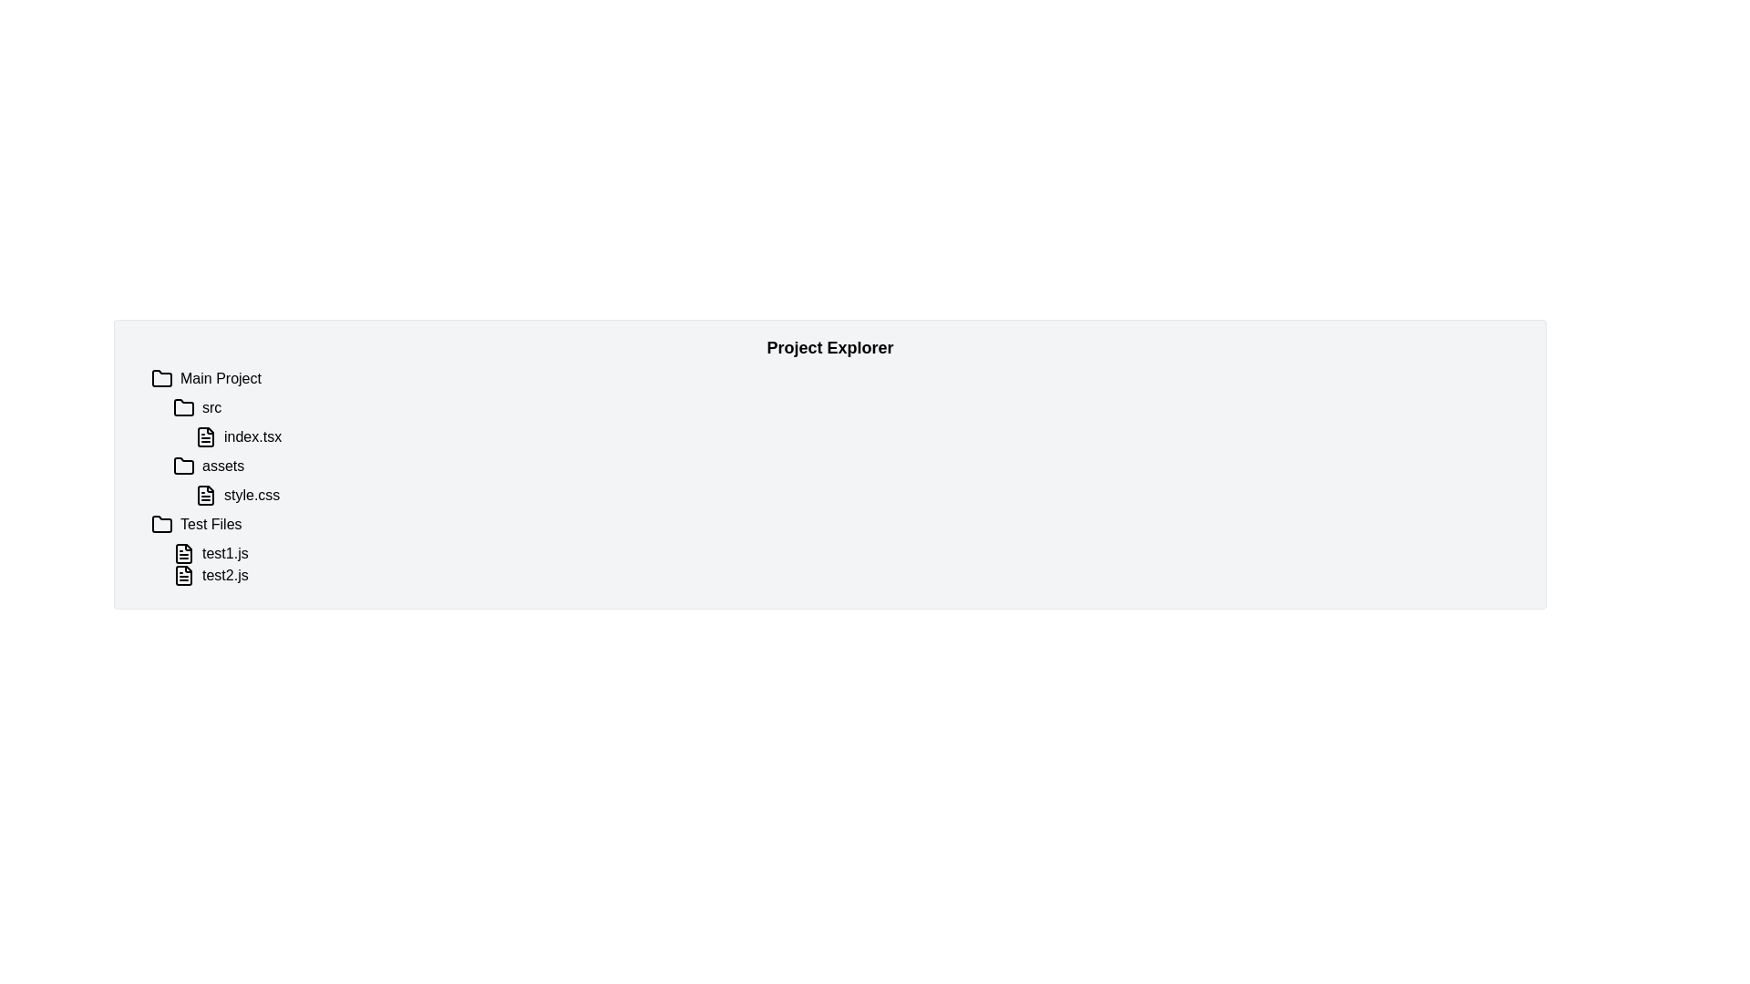 The height and width of the screenshot is (984, 1750). Describe the element at coordinates (205, 495) in the screenshot. I see `the document file icon with a black outline, located to the left of 'style.css', by clicking on its center point` at that location.